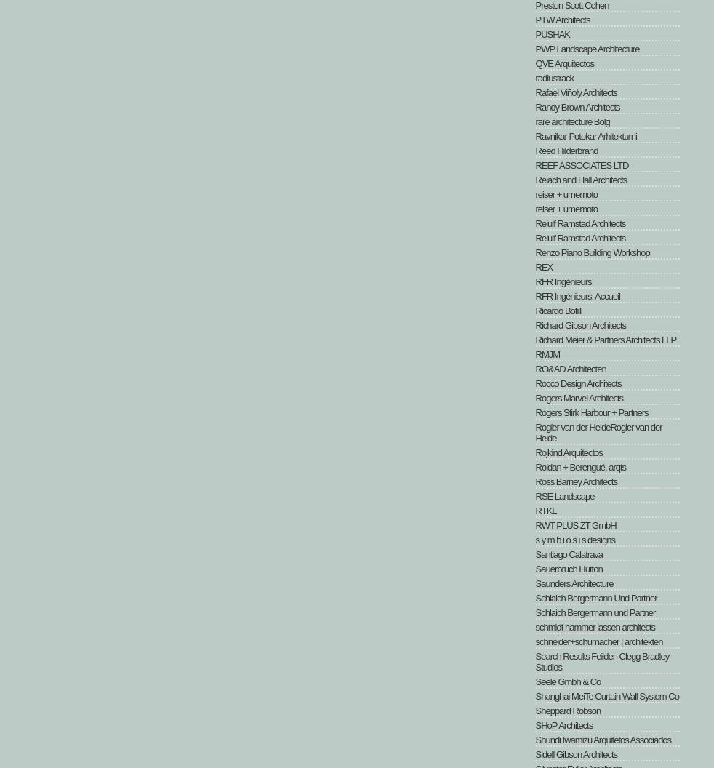 The image size is (714, 768). Describe the element at coordinates (562, 20) in the screenshot. I see `'PTW Architects'` at that location.